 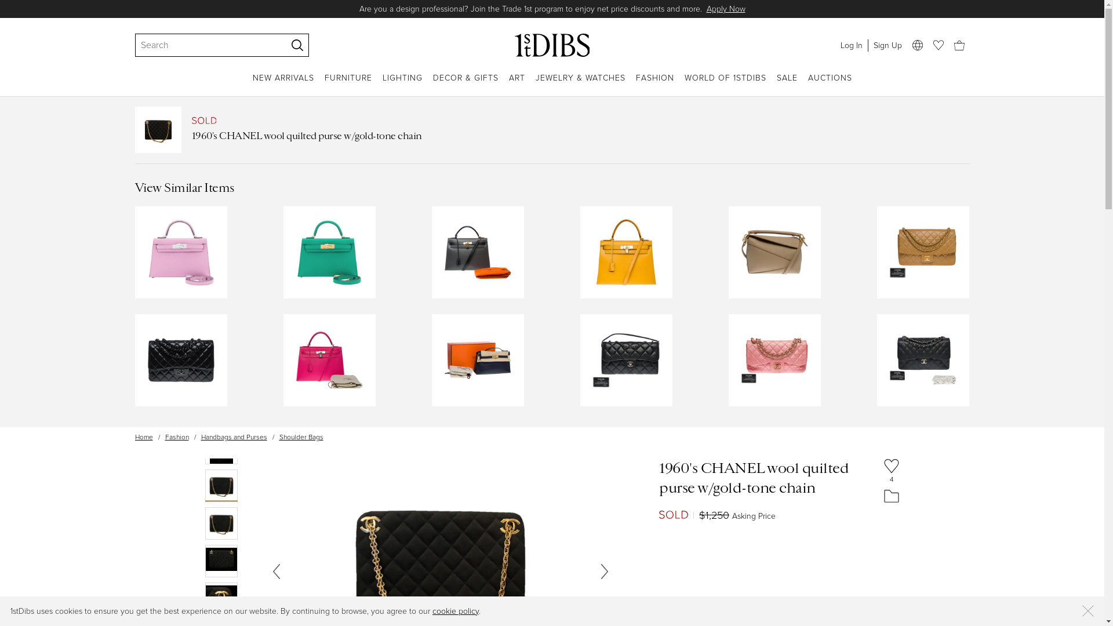 I want to click on 'DECOR & GIFTS', so click(x=465, y=83).